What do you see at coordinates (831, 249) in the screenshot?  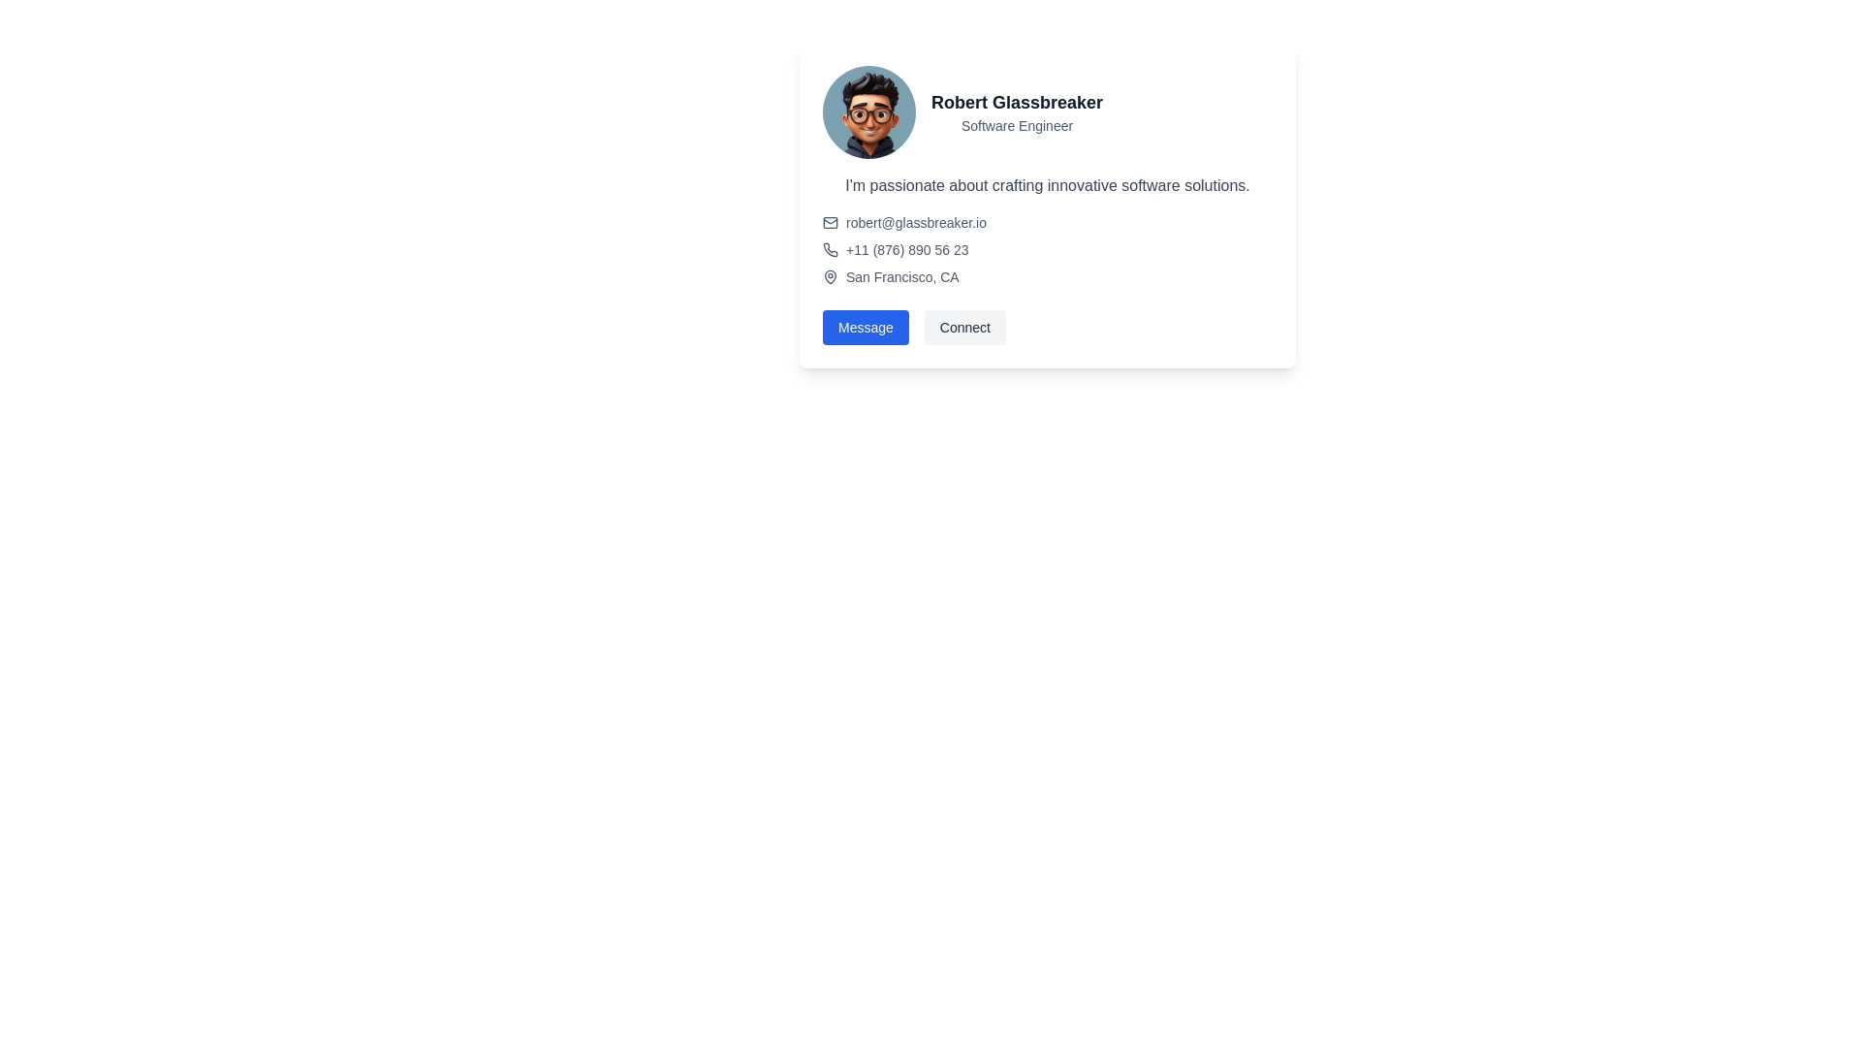 I see `the minimalistic phone icon with a black border, which is located next to the phone number '+11 (876) 890 56 23'` at bounding box center [831, 249].